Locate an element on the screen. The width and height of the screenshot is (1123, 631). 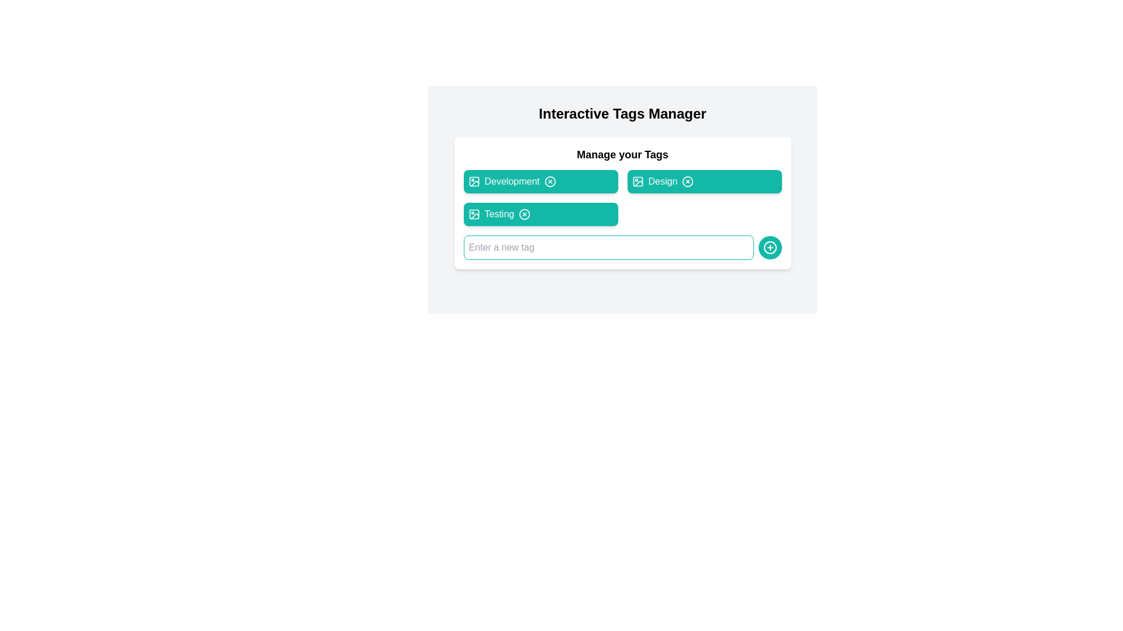
the 'Development' button, which is a horizontally rectangular button with a teal background, white text, and an icon depicting a framed image on the left is located at coordinates (540, 182).